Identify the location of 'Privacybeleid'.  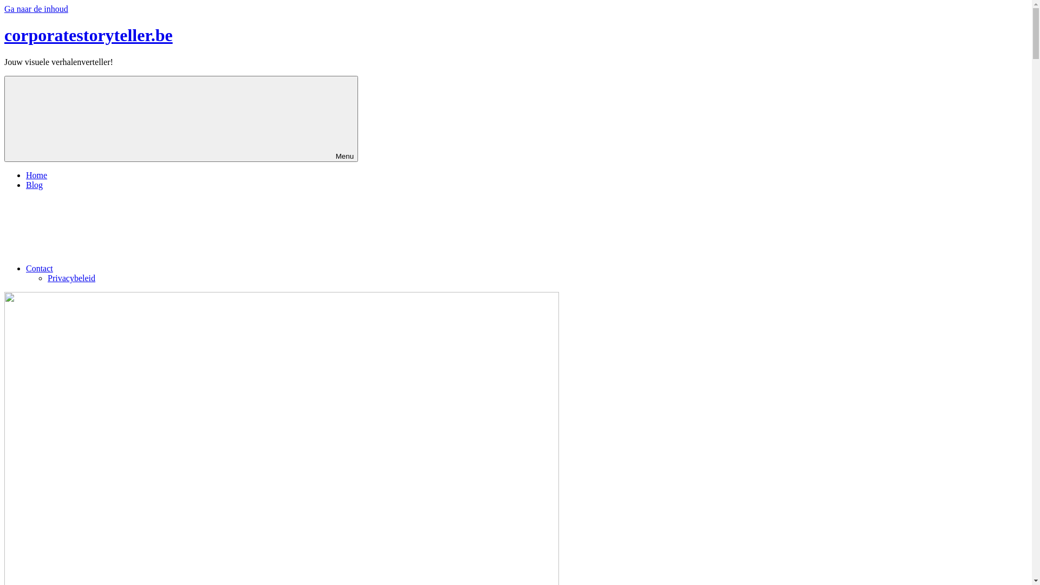
(47, 277).